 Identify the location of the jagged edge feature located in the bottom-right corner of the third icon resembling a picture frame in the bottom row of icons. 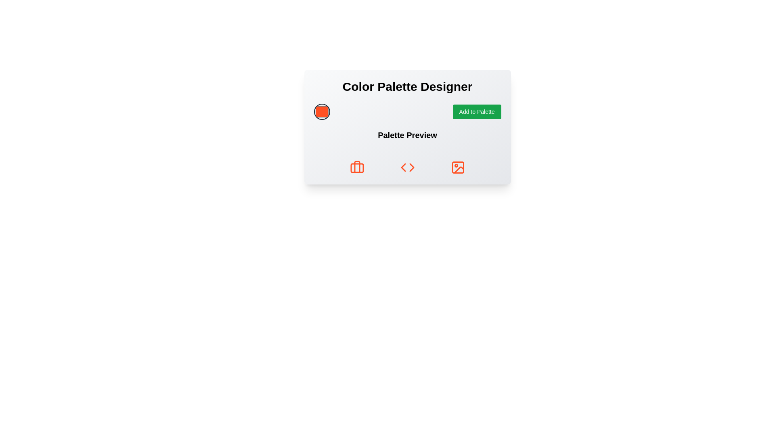
(459, 170).